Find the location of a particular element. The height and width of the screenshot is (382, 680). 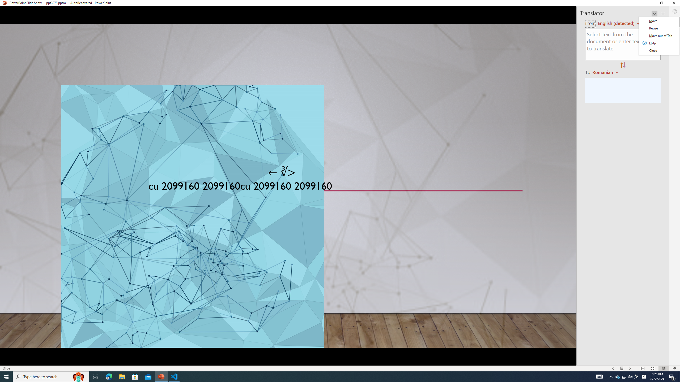

'Class: Net UI Tool Window' is located at coordinates (658, 36).